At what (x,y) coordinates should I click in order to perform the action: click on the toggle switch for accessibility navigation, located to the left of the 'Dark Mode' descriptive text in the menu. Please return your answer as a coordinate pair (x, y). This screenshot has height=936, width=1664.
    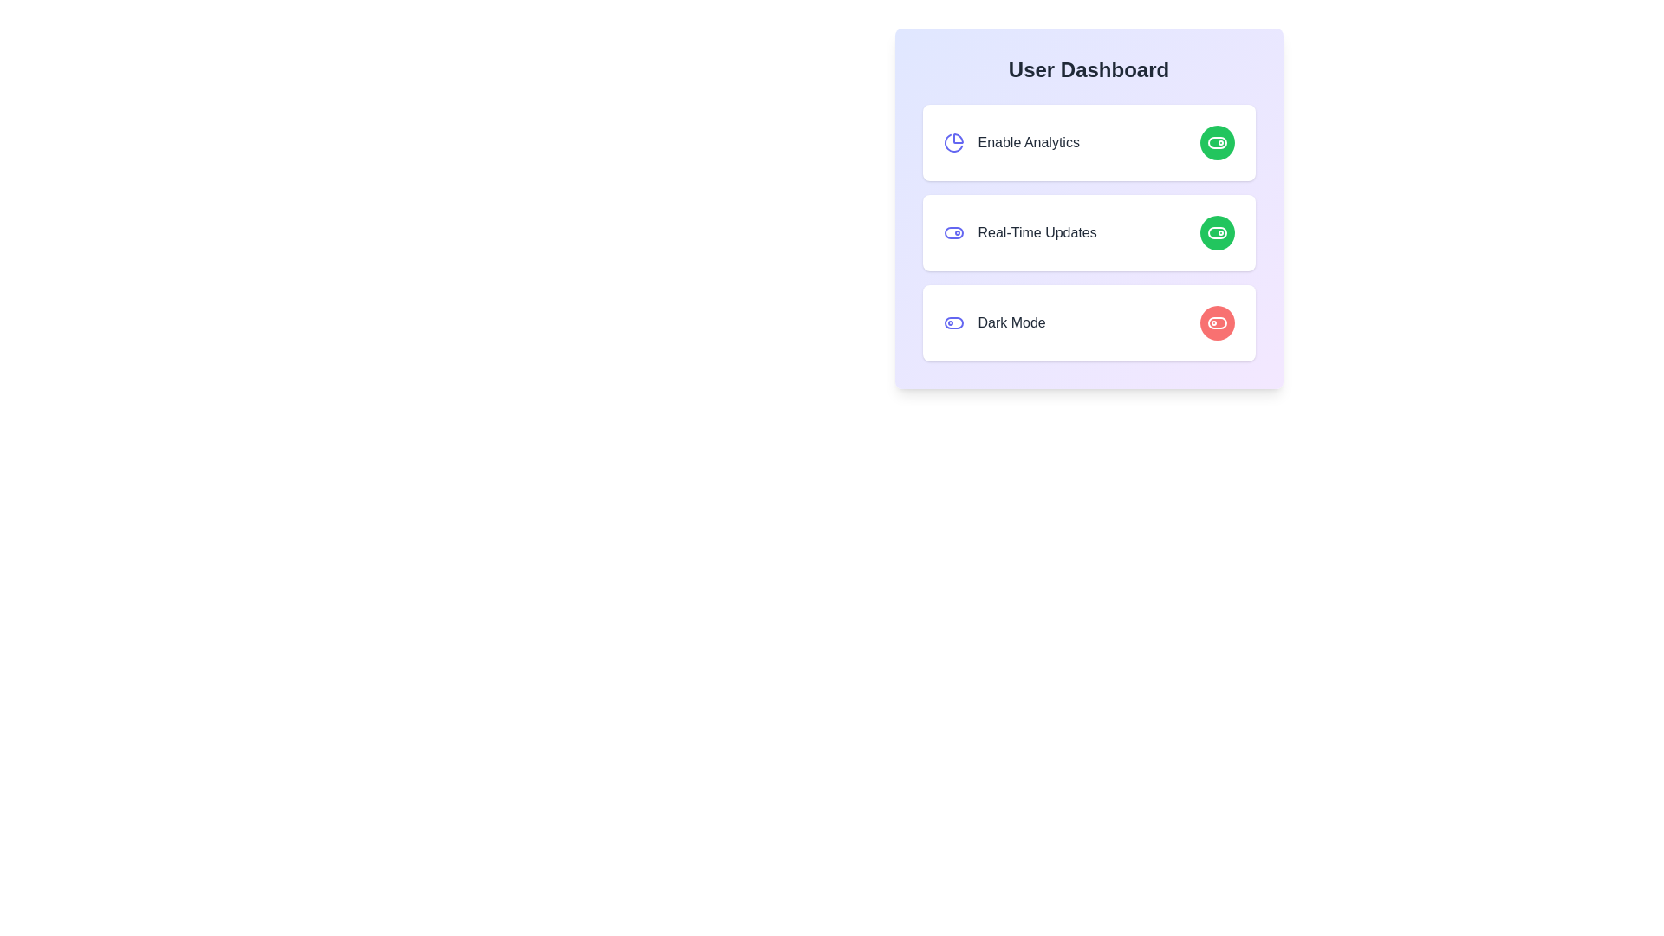
    Looking at the image, I should click on (952, 323).